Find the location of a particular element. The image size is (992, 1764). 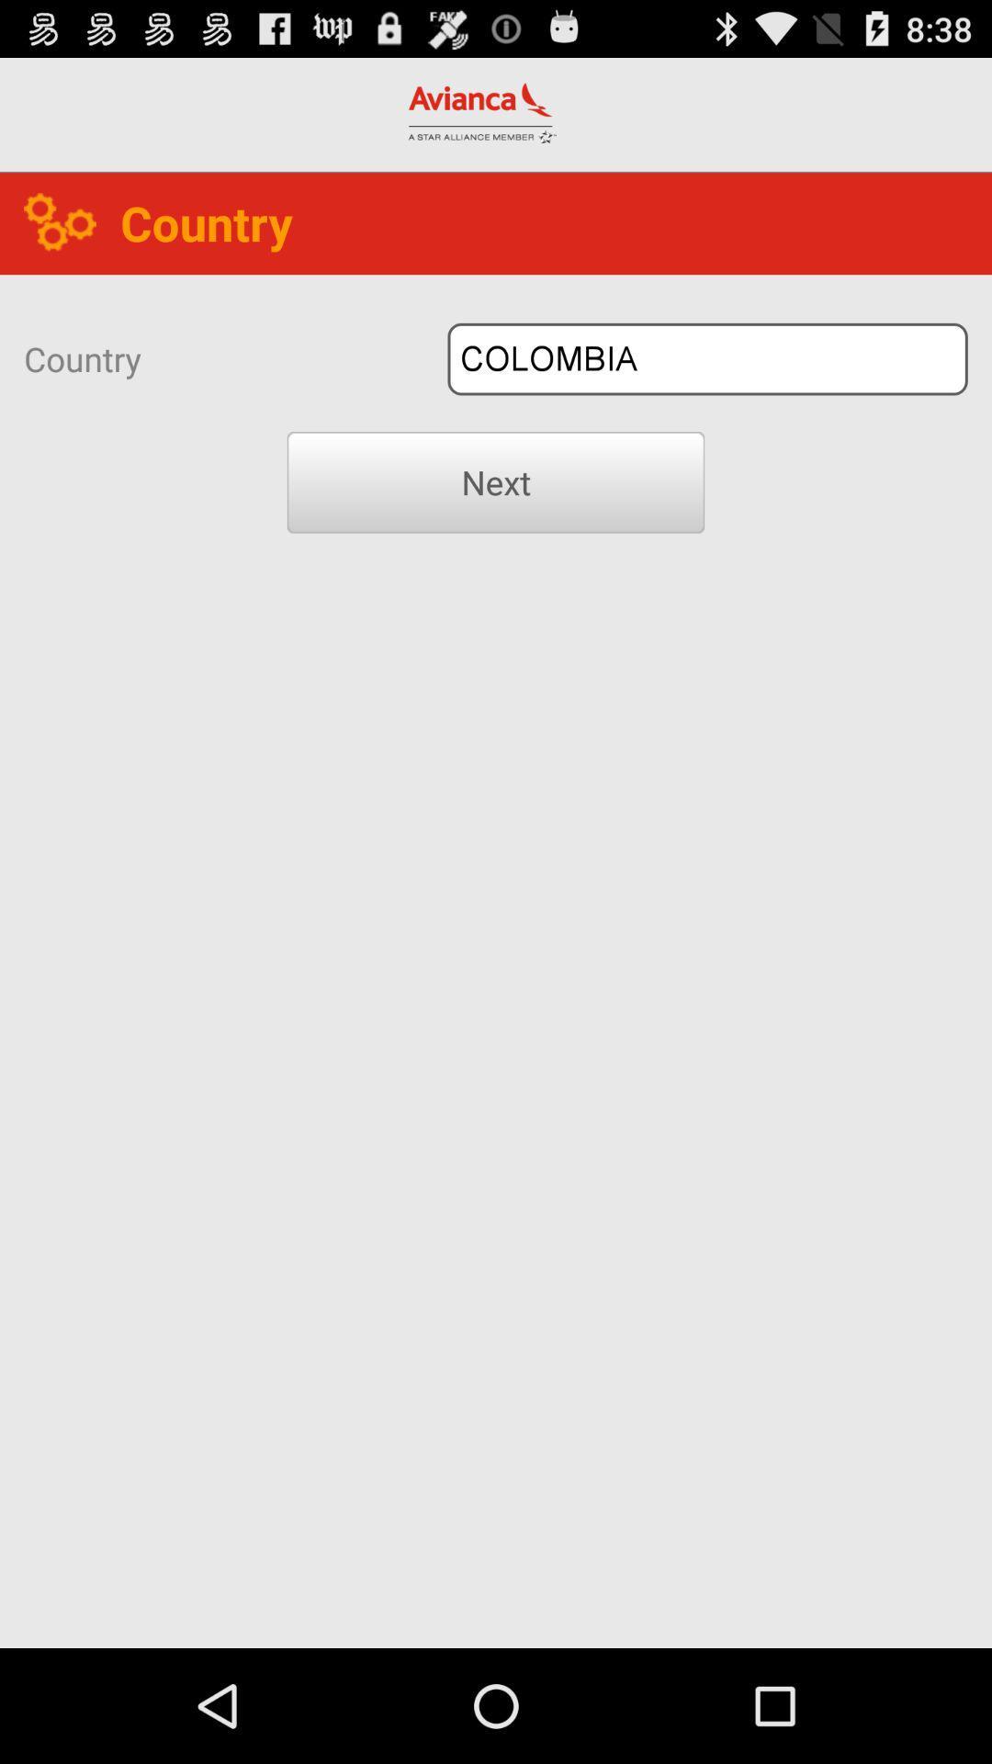

the icon next to the country icon is located at coordinates (706, 359).